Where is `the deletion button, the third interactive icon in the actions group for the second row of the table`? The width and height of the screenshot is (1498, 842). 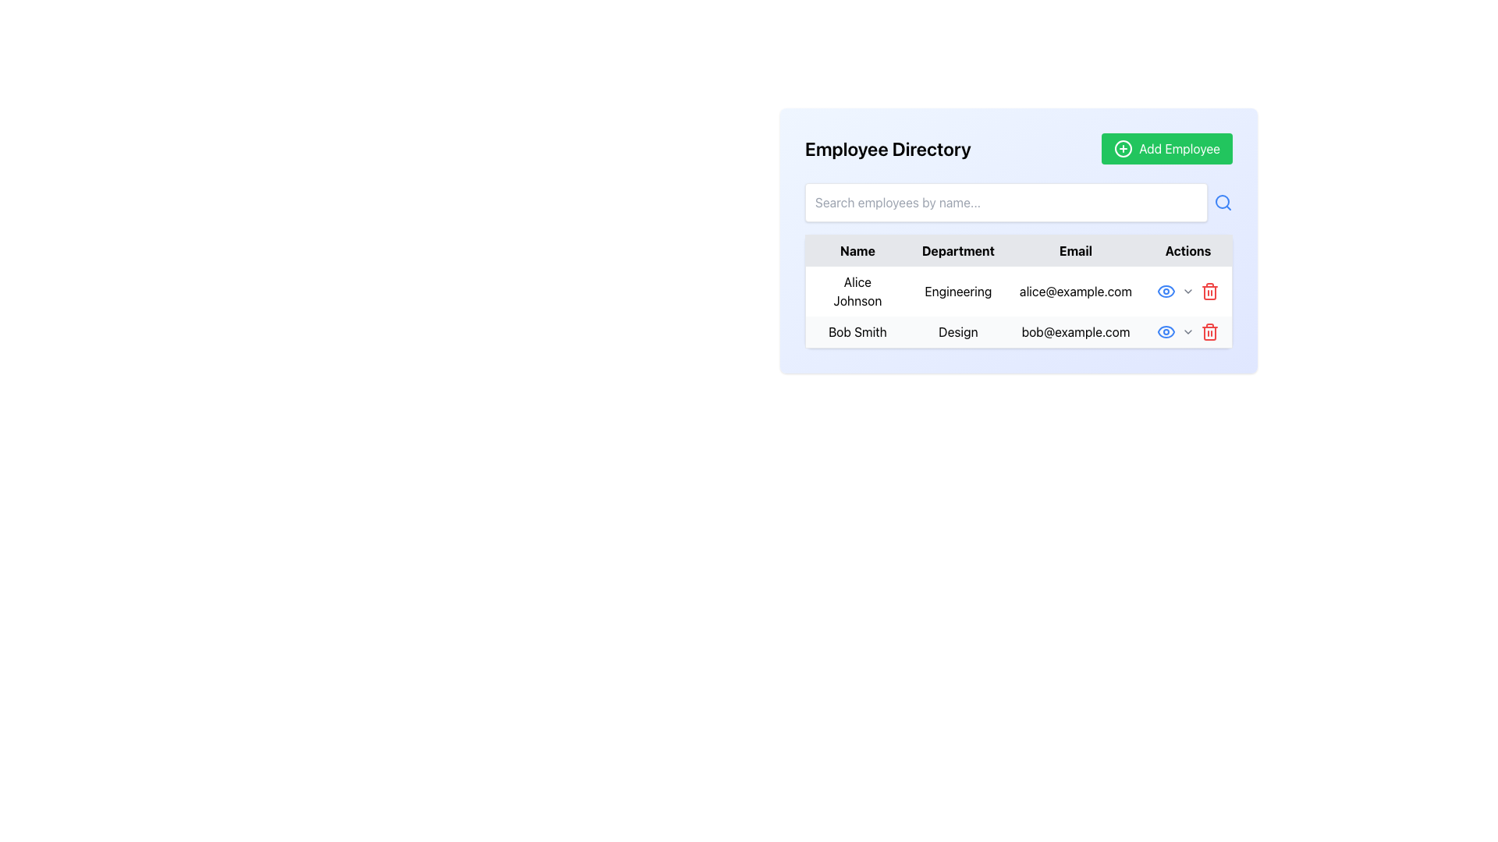 the deletion button, the third interactive icon in the actions group for the second row of the table is located at coordinates (1209, 331).